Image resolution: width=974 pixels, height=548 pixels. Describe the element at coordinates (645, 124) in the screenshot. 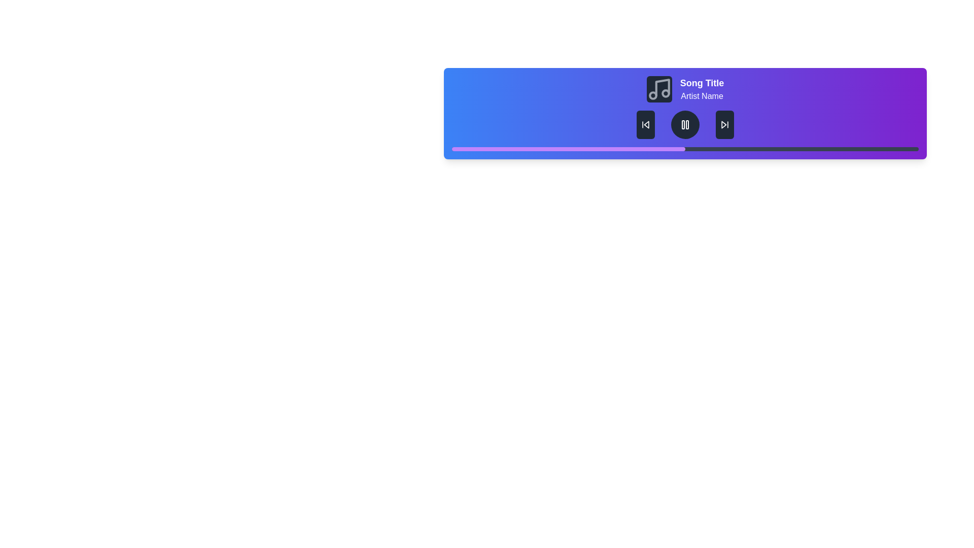

I see `the leftmost button with a dark background and rounded corners featuring a left-pointing arrow, located` at that location.